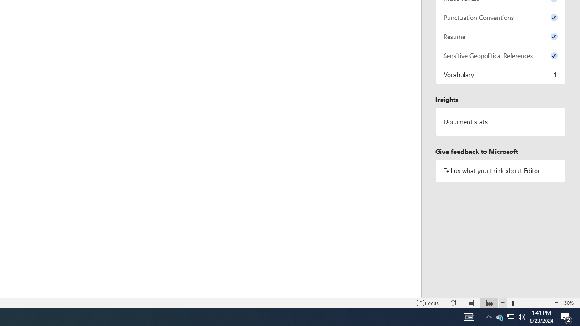 The width and height of the screenshot is (580, 326). I want to click on 'Print Layout', so click(471, 303).